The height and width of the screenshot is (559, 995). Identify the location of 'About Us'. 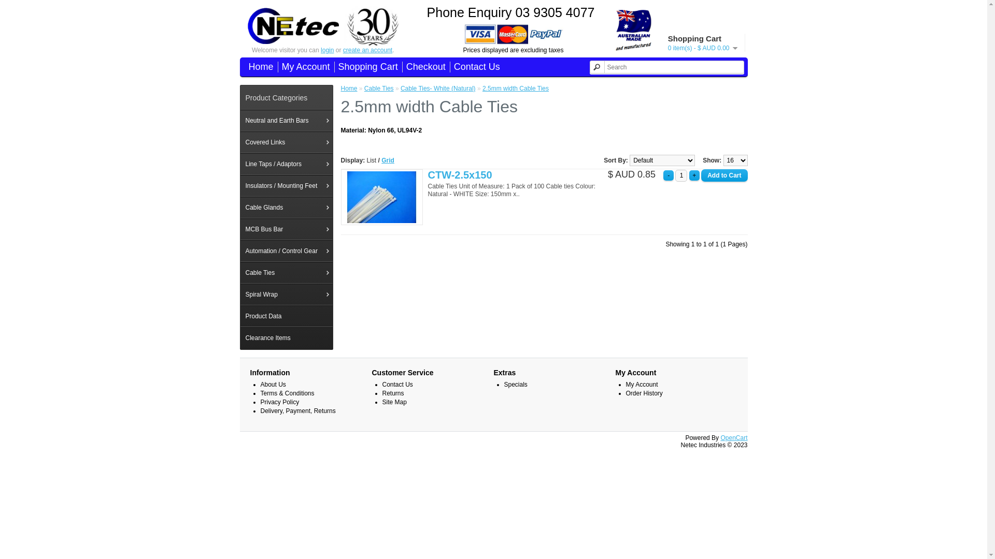
(273, 385).